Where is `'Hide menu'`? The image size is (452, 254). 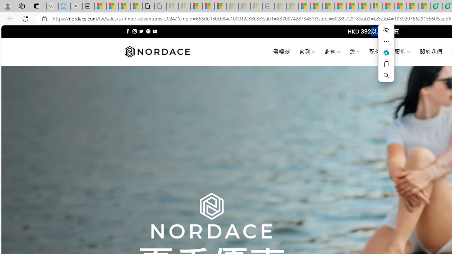 'Hide menu' is located at coordinates (386, 30).